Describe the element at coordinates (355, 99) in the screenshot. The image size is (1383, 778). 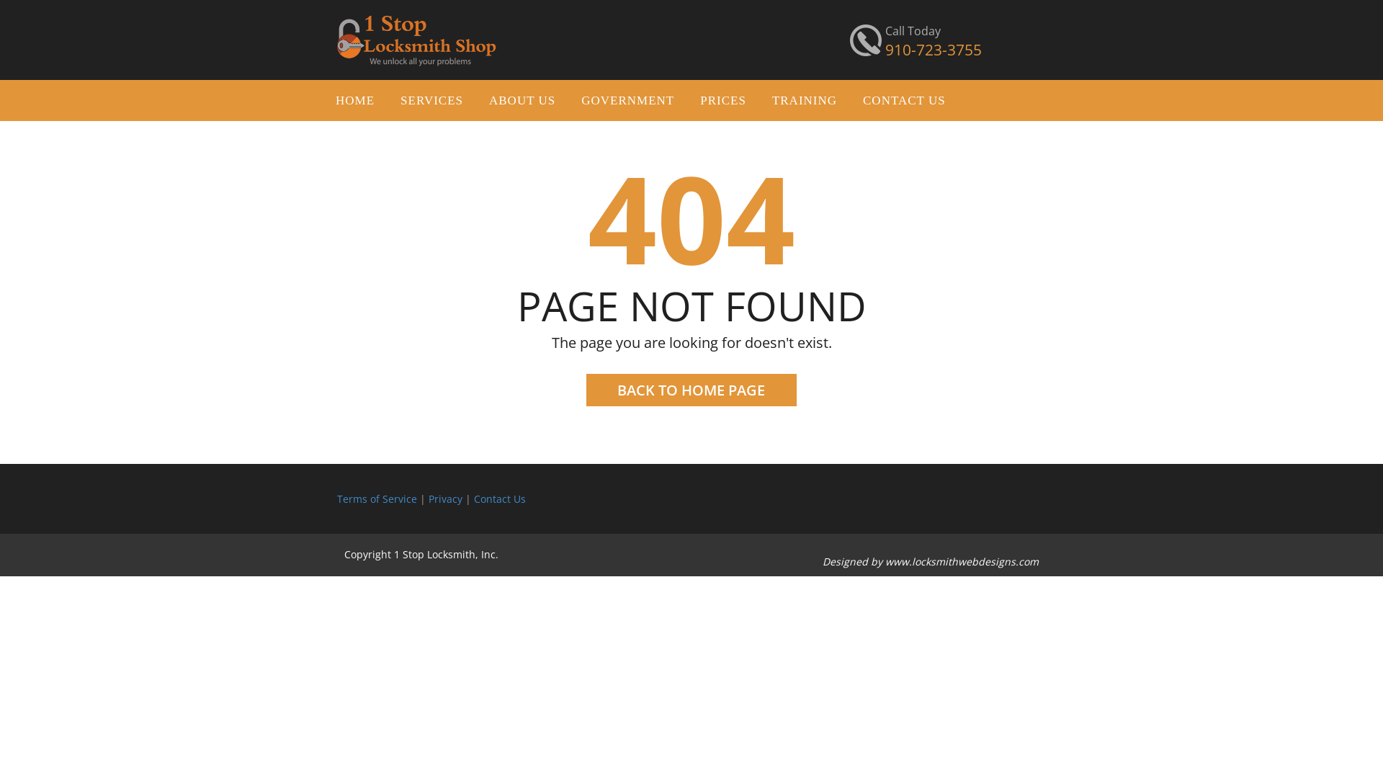
I see `'HOME'` at that location.